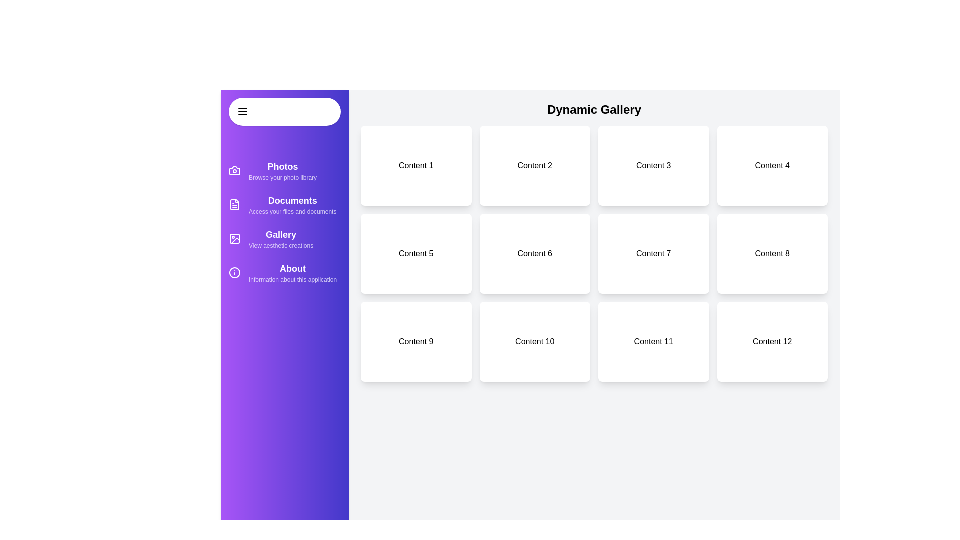  Describe the element at coordinates (234, 239) in the screenshot. I see `the sidebar icon for Gallery` at that location.